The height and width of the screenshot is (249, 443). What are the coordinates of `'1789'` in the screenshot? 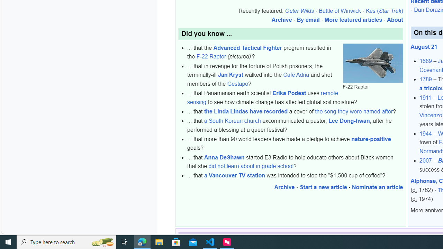 It's located at (425, 79).